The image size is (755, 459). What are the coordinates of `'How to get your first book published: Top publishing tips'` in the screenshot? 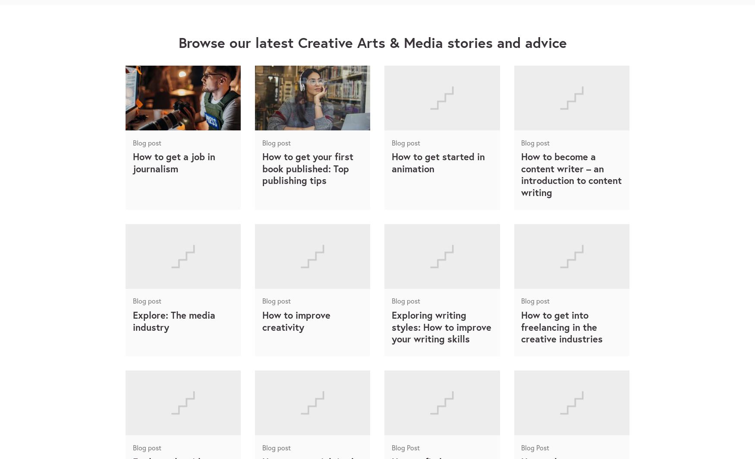 It's located at (307, 168).